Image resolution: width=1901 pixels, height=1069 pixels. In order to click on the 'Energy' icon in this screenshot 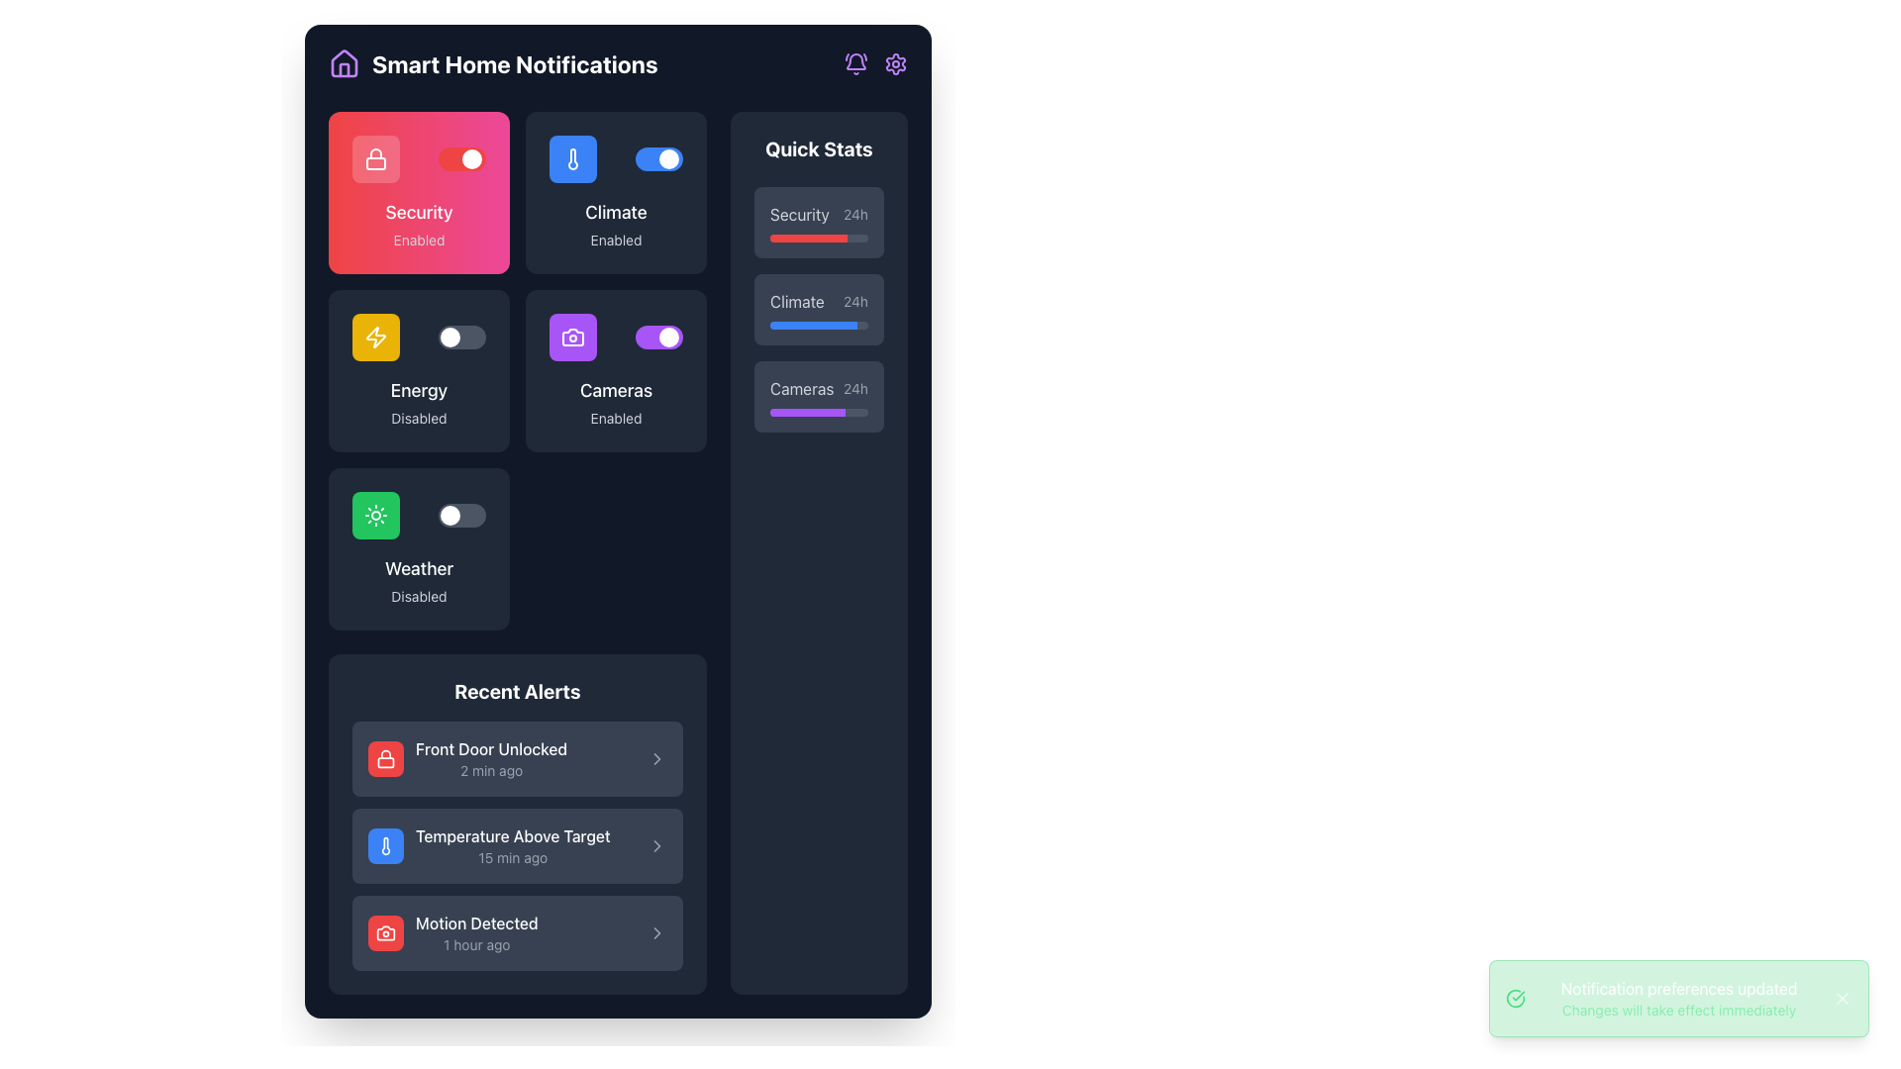, I will do `click(375, 336)`.